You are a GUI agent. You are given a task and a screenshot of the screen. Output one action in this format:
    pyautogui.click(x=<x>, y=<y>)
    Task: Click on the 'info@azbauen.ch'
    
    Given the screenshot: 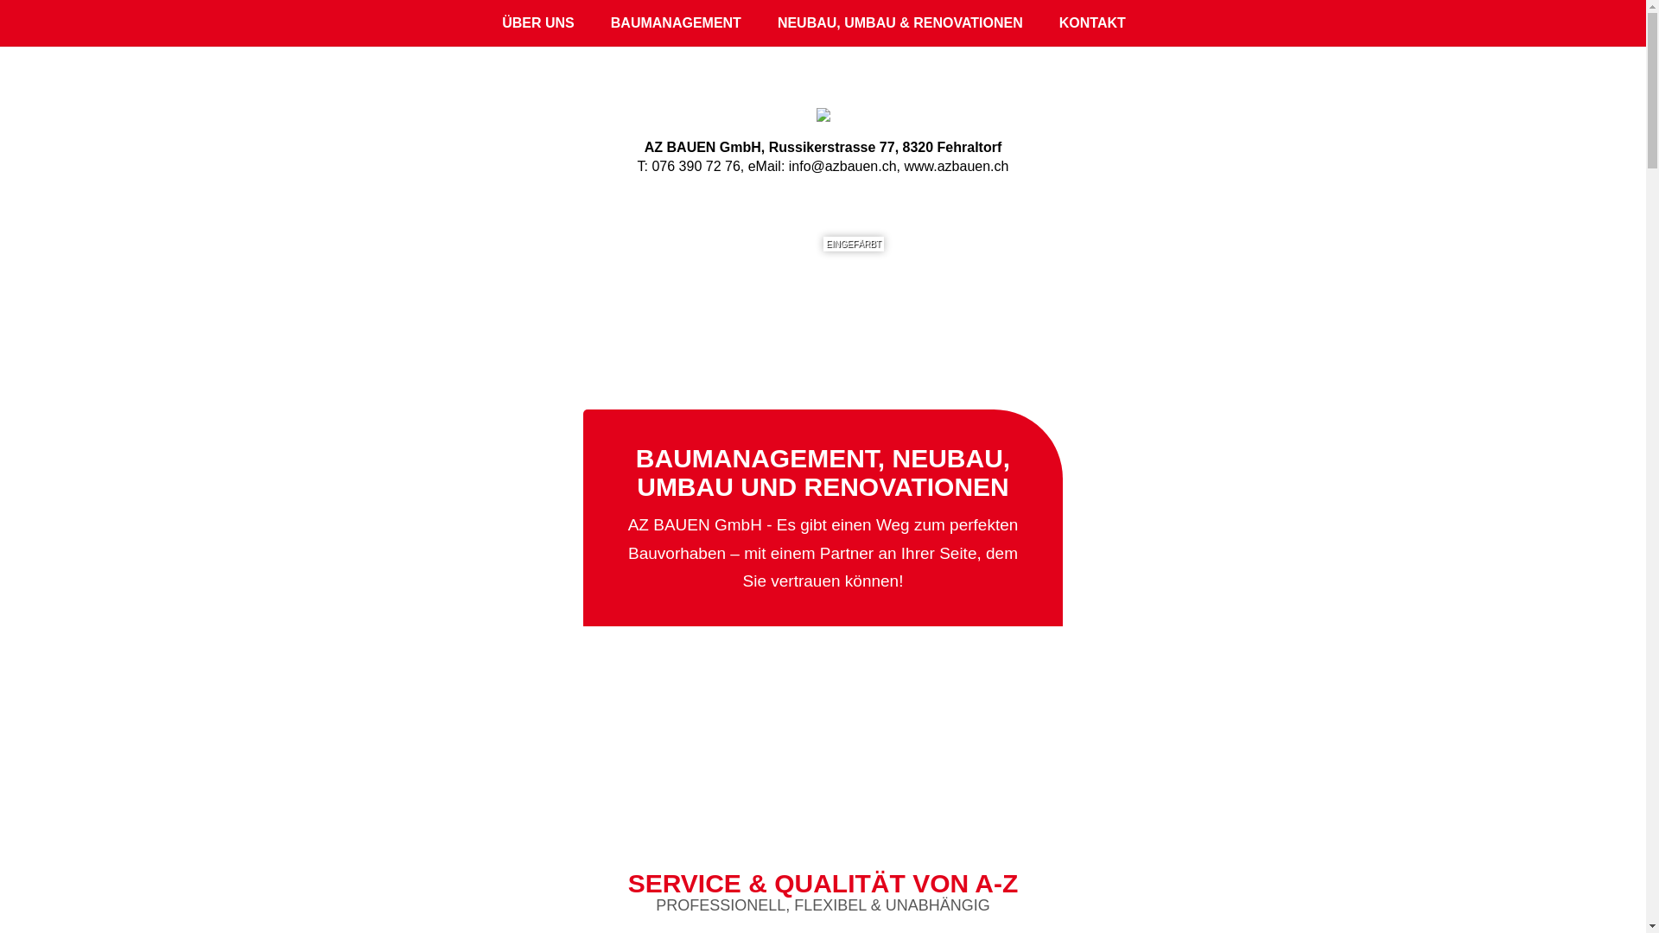 What is the action you would take?
    pyautogui.click(x=842, y=166)
    